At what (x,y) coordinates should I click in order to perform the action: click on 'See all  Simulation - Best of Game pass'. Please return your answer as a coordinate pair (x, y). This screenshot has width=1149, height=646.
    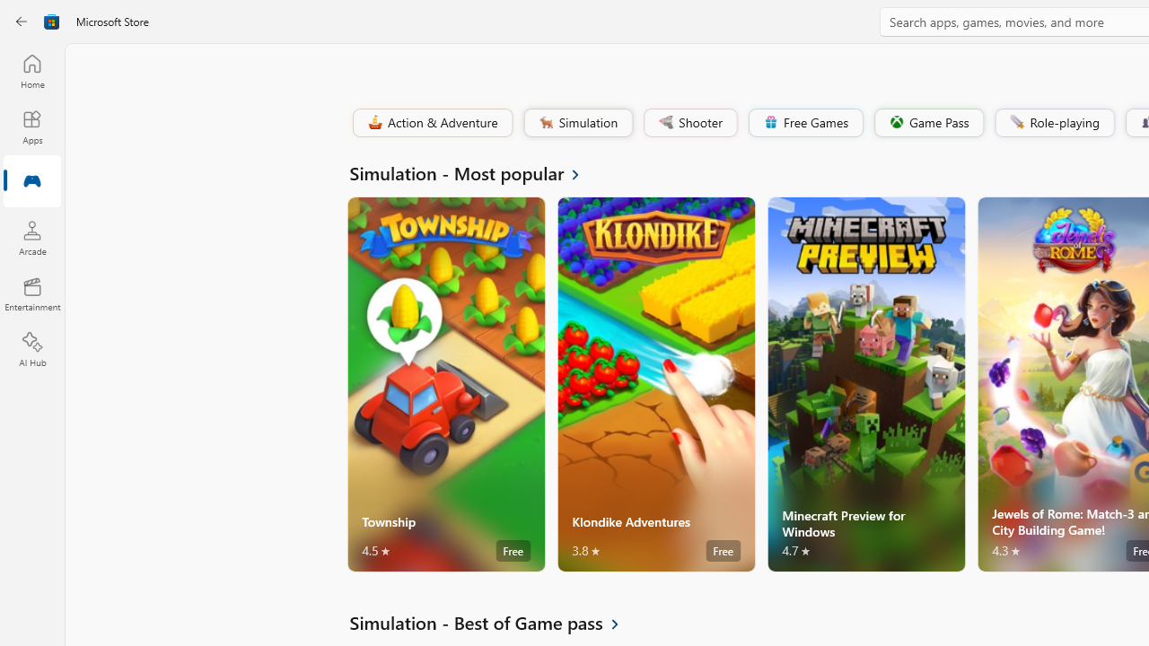
    Looking at the image, I should click on (495, 622).